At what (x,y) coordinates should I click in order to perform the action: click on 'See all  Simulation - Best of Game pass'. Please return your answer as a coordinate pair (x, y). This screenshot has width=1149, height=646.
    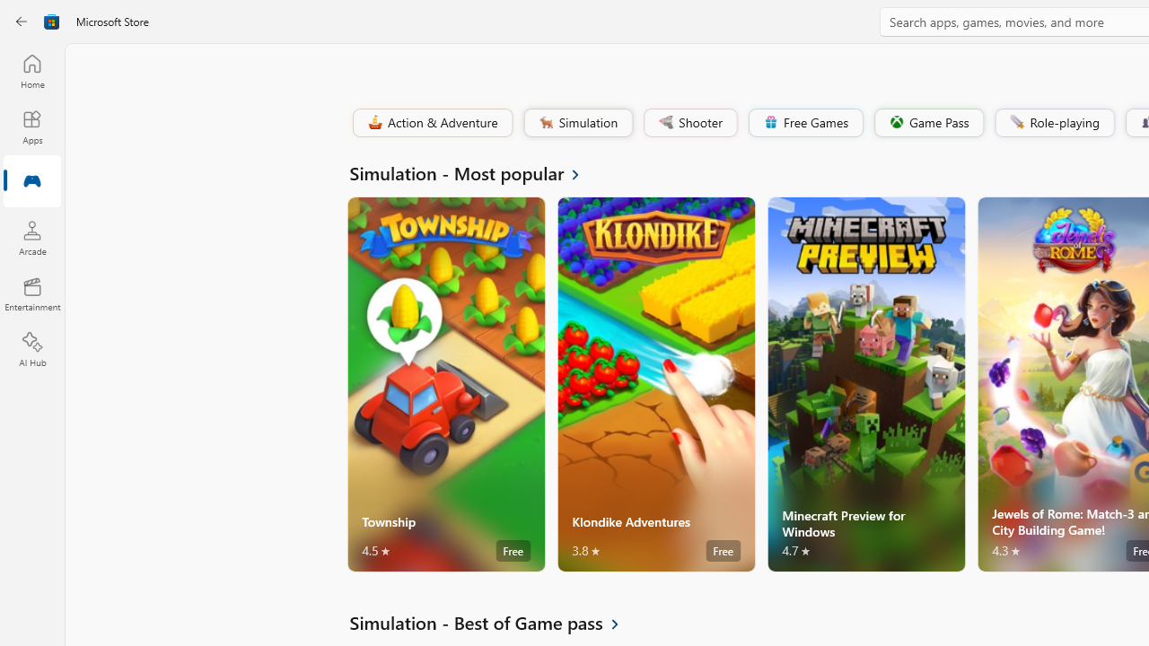
    Looking at the image, I should click on (495, 622).